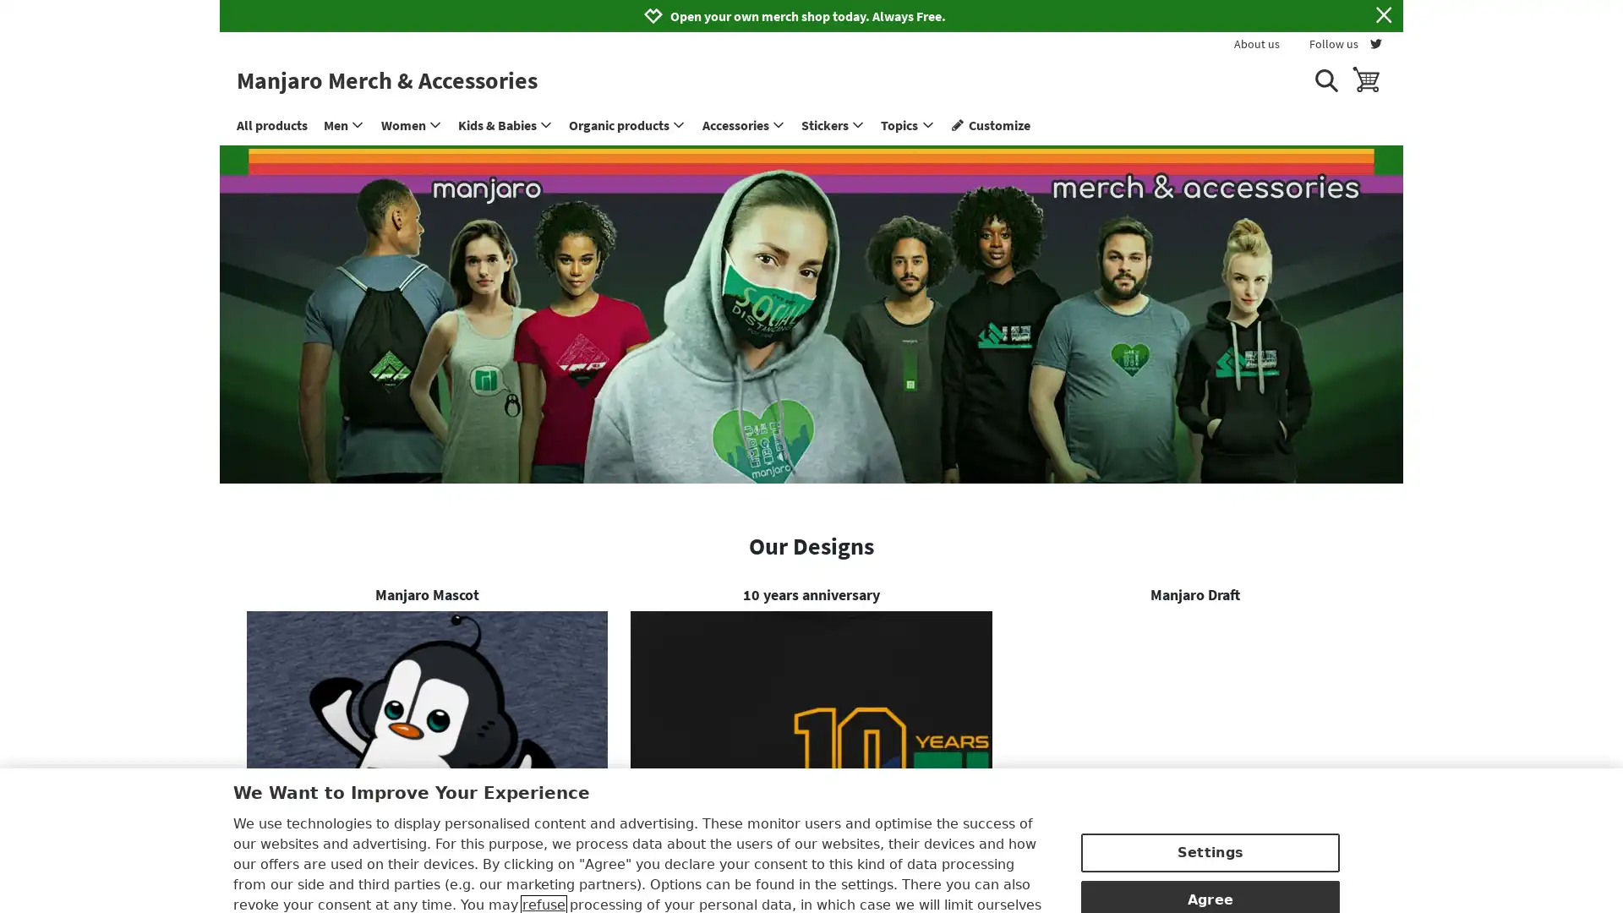 This screenshot has width=1623, height=913. Describe the element at coordinates (1325, 79) in the screenshot. I see `show search` at that location.